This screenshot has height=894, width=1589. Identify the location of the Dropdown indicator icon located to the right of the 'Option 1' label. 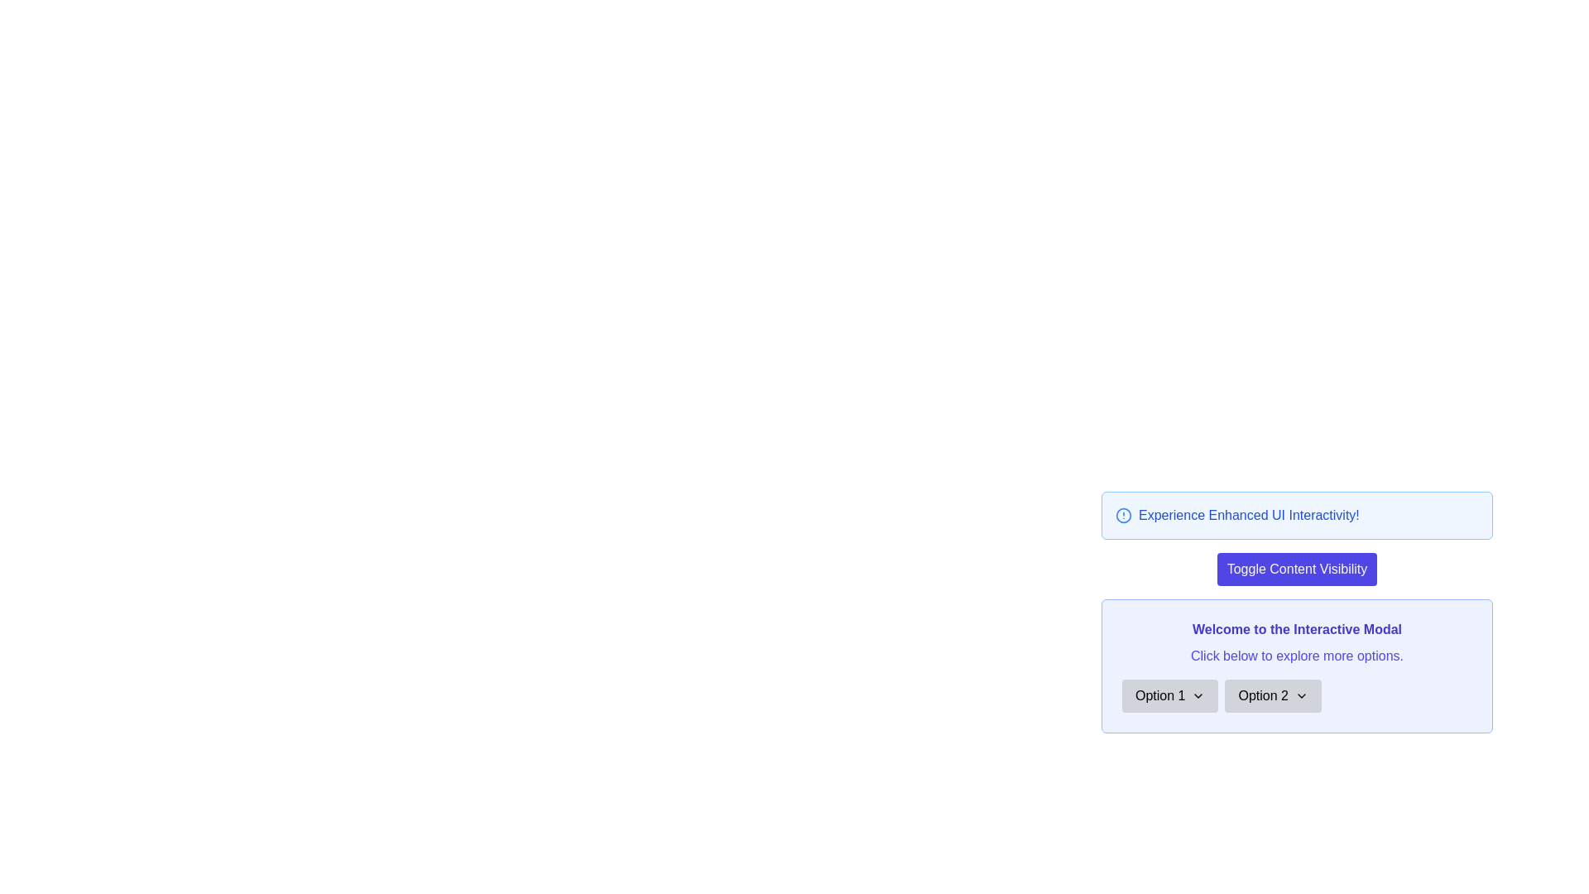
(1198, 695).